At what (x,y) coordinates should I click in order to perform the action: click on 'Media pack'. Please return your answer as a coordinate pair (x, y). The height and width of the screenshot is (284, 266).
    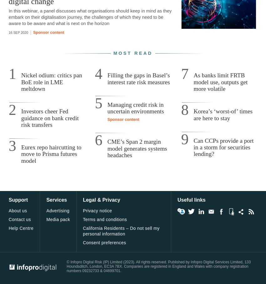
    Looking at the image, I should click on (58, 219).